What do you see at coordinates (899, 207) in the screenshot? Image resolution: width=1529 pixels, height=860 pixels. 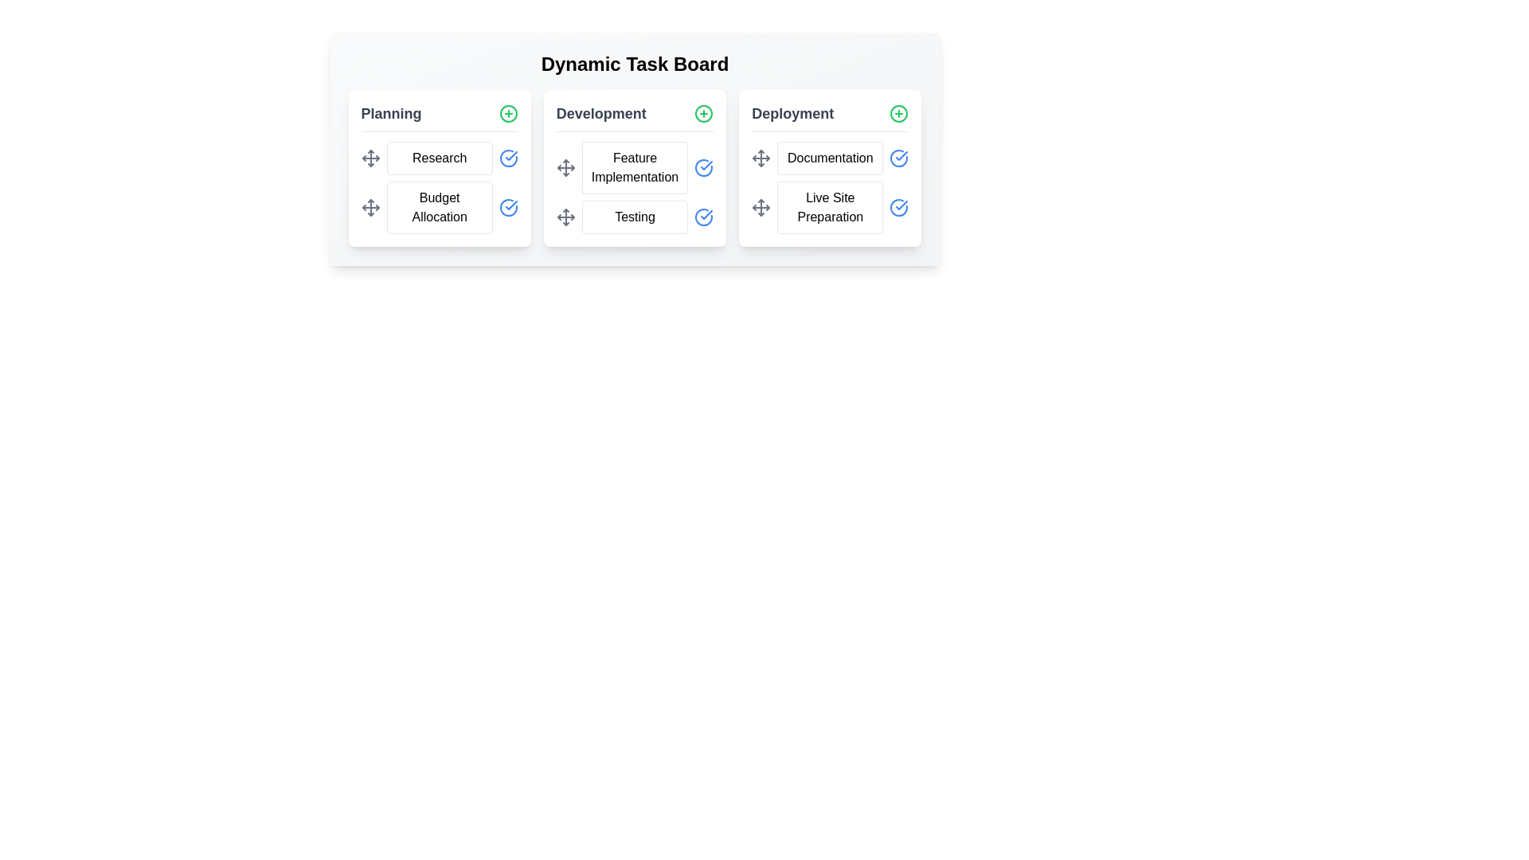 I see `'CheckCircle' icon next to the task 'Live Site Preparation' to mark it as complete` at bounding box center [899, 207].